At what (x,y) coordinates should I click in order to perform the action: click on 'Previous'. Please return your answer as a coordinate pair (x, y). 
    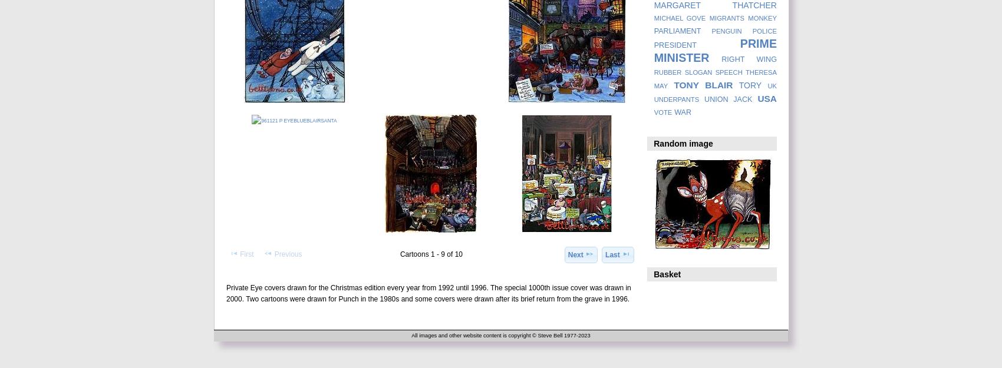
    Looking at the image, I should click on (288, 253).